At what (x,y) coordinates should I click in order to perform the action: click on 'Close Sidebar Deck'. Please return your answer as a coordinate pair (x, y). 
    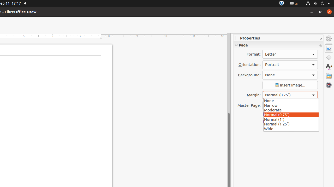
    Looking at the image, I should click on (321, 38).